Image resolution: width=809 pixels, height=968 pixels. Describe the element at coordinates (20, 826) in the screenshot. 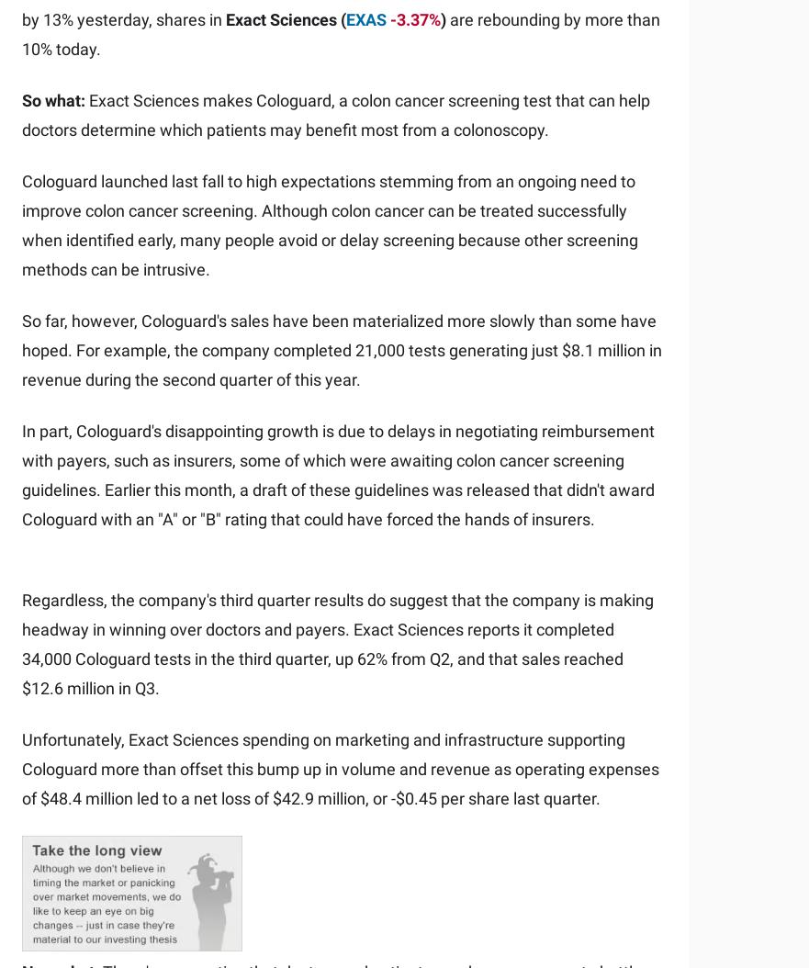

I see `'Copyright, Trademark and Patent Information'` at that location.